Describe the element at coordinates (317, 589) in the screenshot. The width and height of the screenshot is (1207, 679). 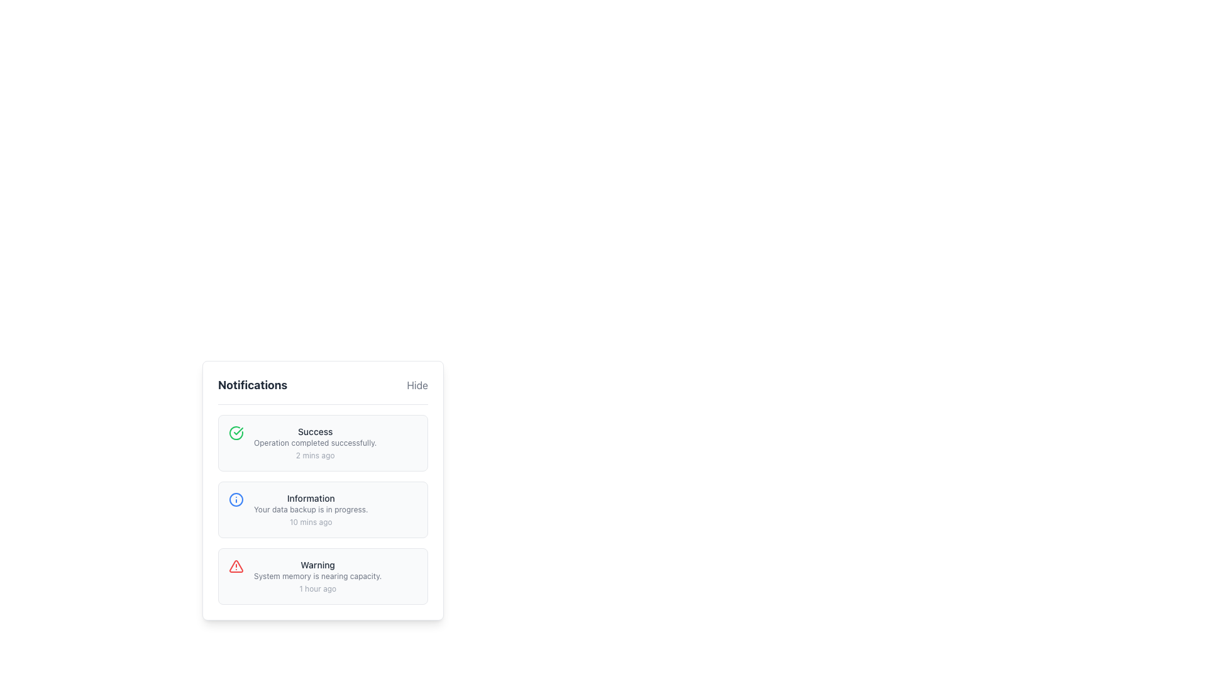
I see `the text label displaying '1 hour ago' in a small, gray font, located at the bottom of the notification block below the 'Warning' title and the message 'System memory is nearing capacity.'` at that location.